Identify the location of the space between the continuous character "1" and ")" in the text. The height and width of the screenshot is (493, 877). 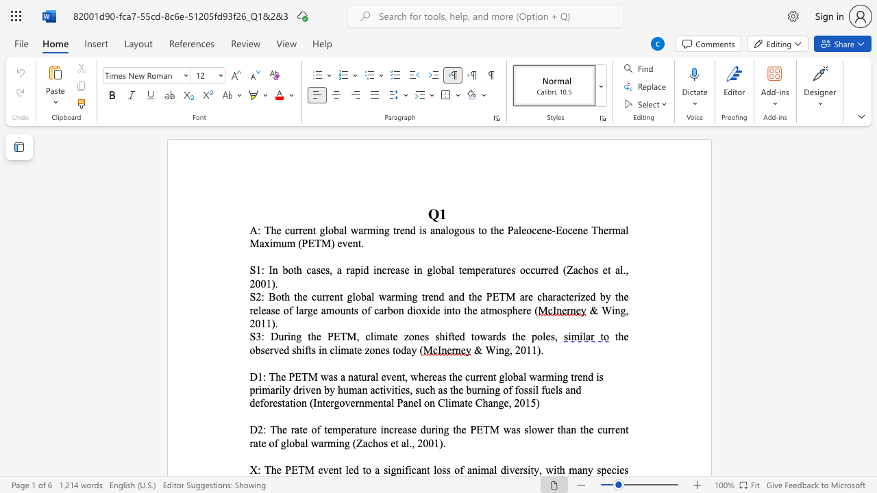
(438, 443).